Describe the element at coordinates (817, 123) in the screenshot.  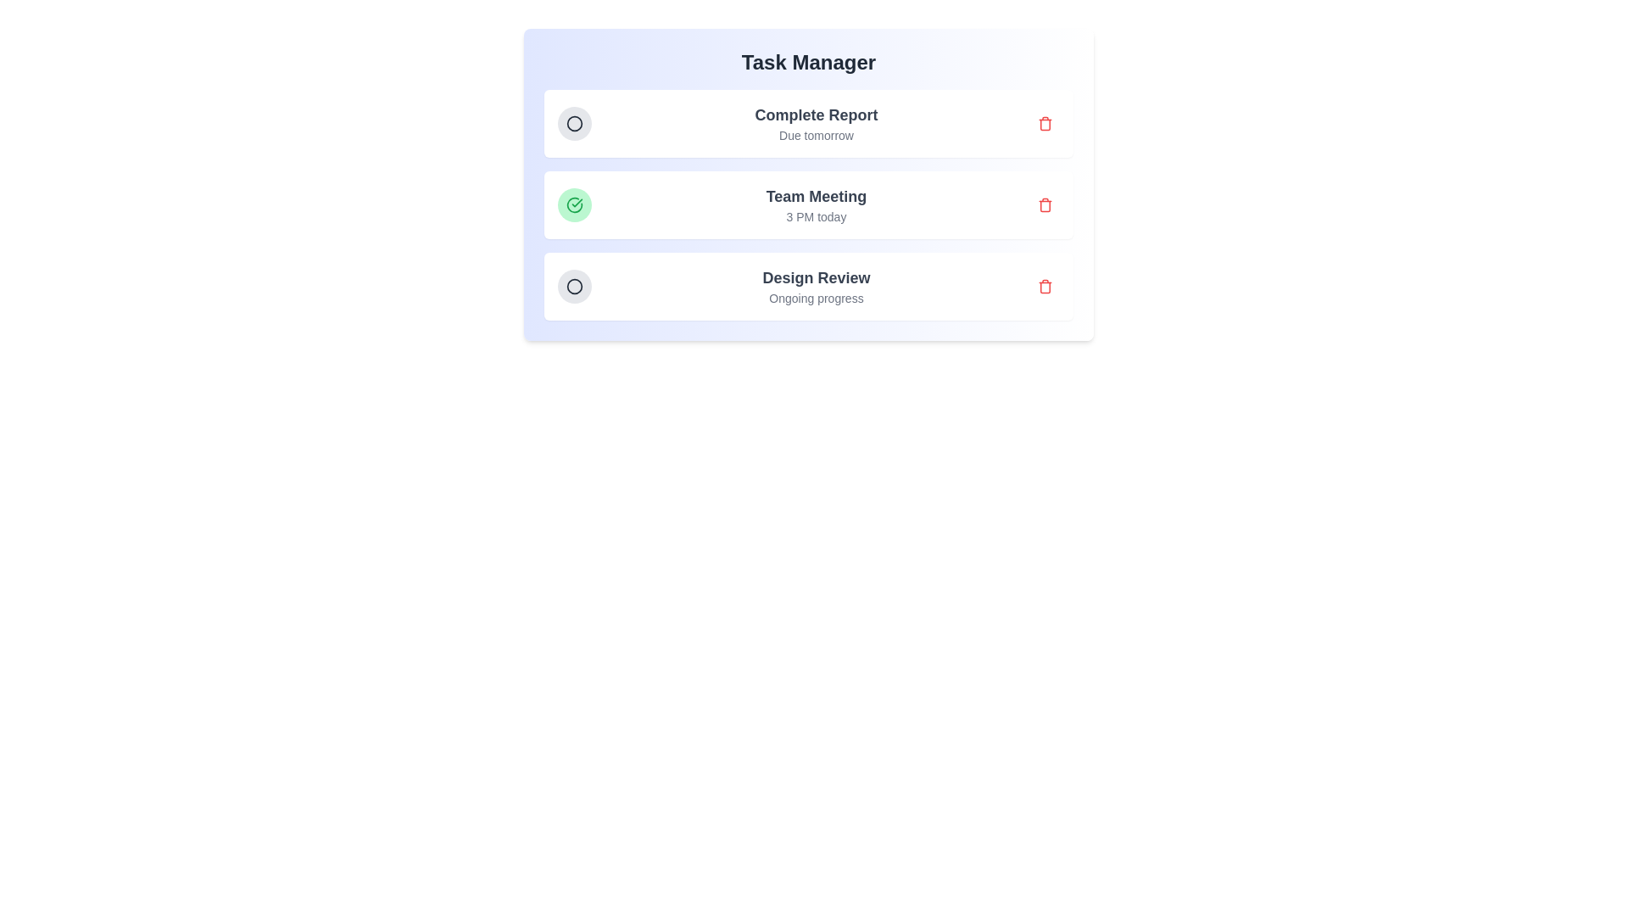
I see `the text block titled 'Complete Report' with the subtitle 'Due tomorrow' in the 'Task Manager' list` at that location.